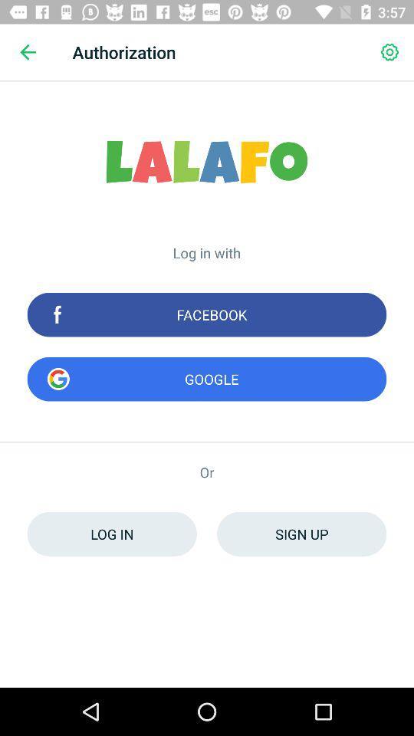 This screenshot has width=414, height=736. Describe the element at coordinates (301, 534) in the screenshot. I see `the icon next to log in icon` at that location.